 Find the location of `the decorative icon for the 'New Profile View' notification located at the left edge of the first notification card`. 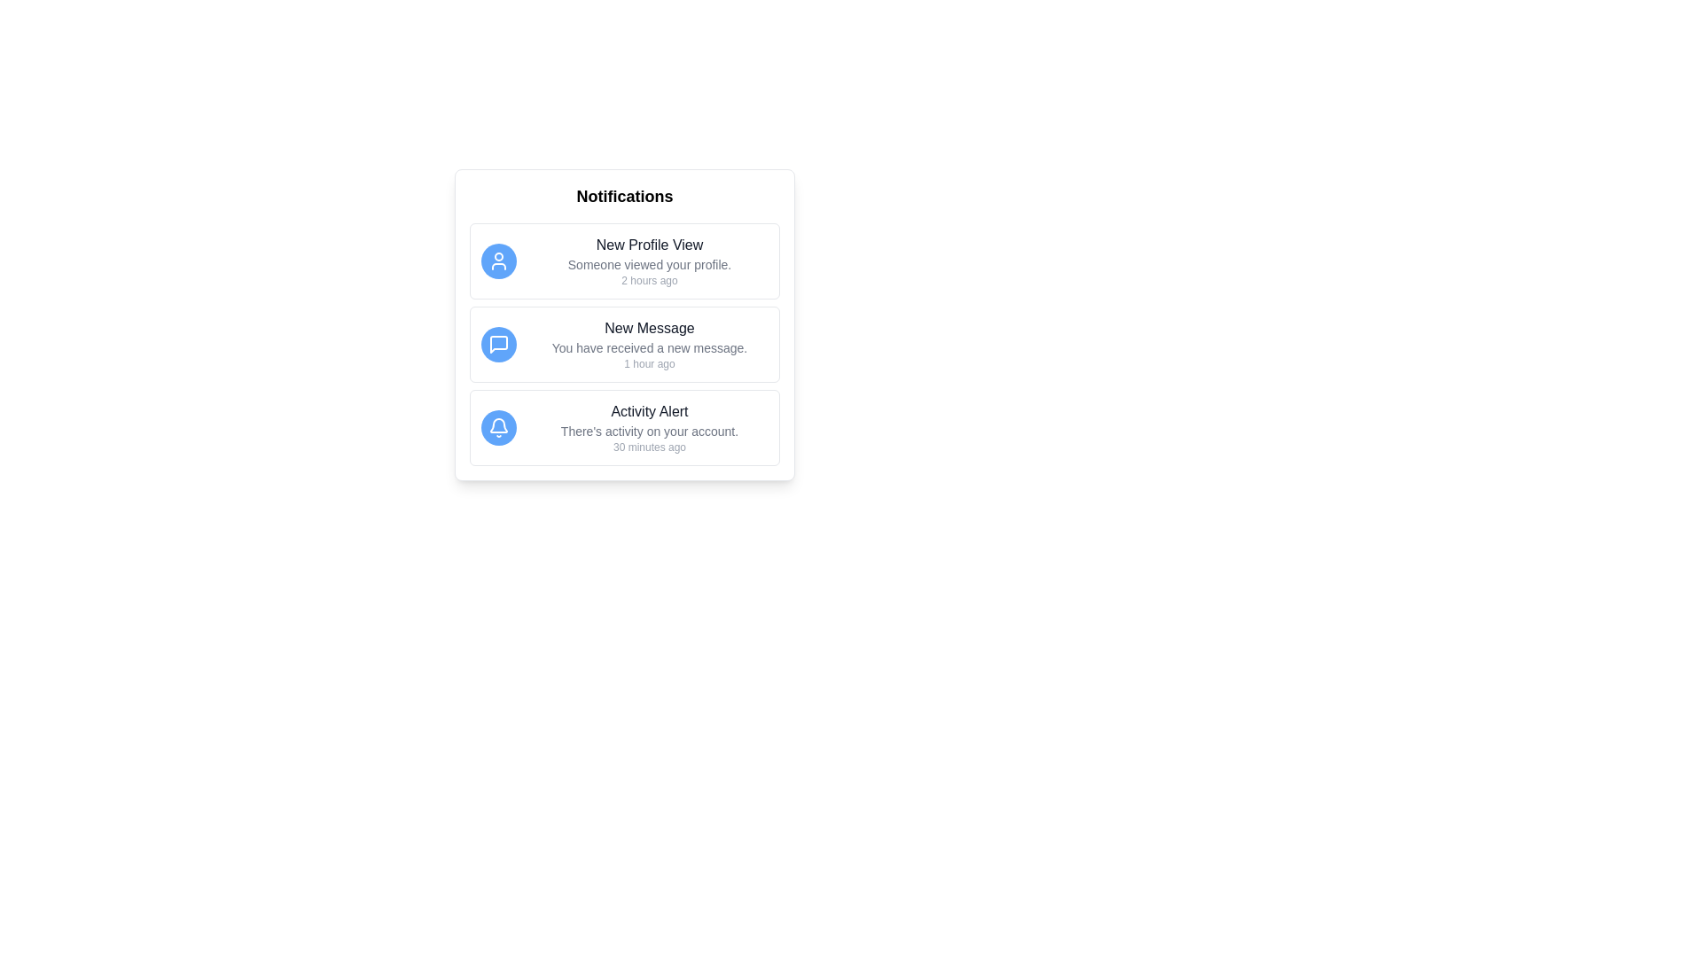

the decorative icon for the 'New Profile View' notification located at the left edge of the first notification card is located at coordinates (497, 261).